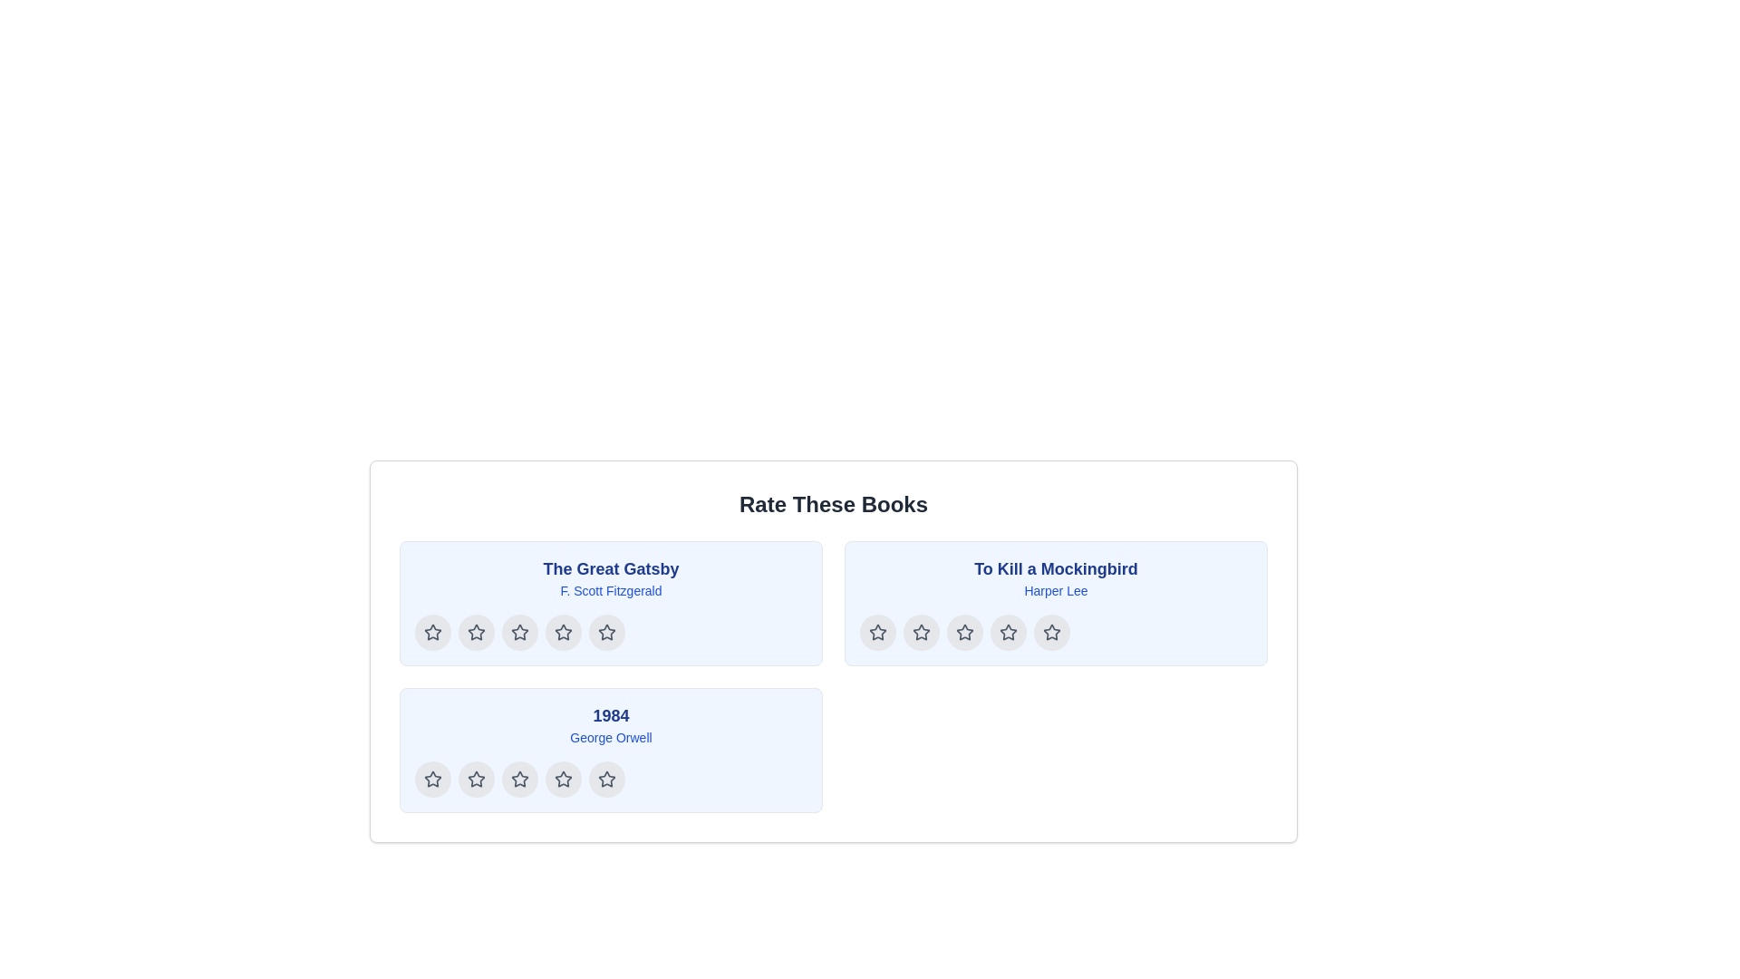 Image resolution: width=1740 pixels, height=979 pixels. I want to click on the circular button with a light gray background and a star icon, which is the fourth button in the horizontal list below the book '1984' in the 'Rate These Books' section, to give a rating, so click(607, 779).